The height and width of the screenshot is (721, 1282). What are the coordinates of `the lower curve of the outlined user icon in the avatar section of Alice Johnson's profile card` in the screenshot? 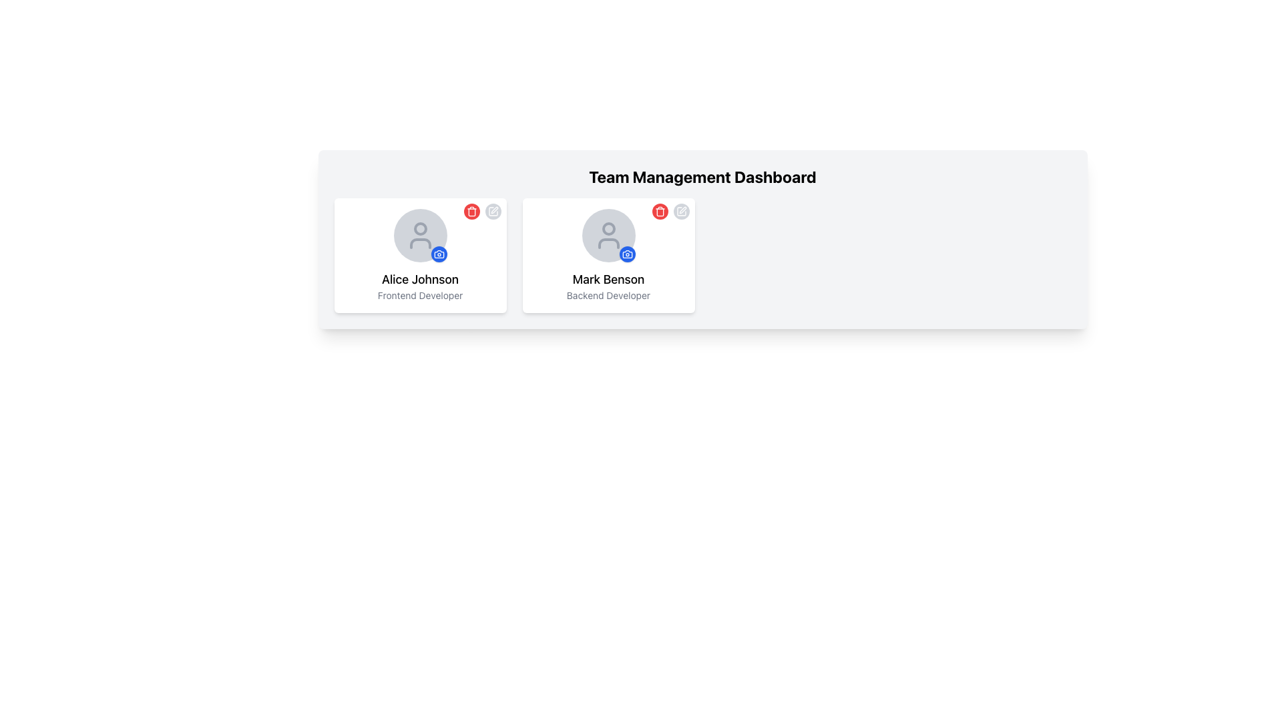 It's located at (419, 244).